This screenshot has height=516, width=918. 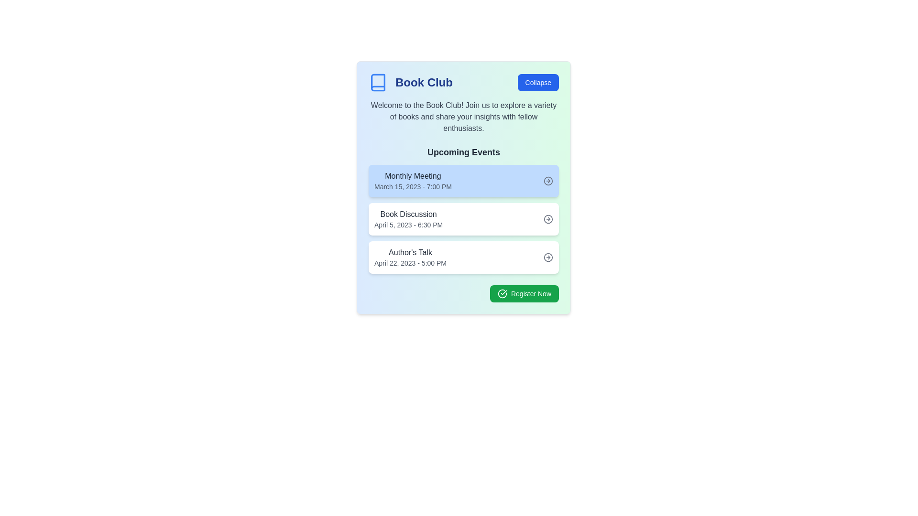 I want to click on the simplified book icon in the top-left corner of the 'Book Club' card interface, which features a rectangular shape and a spine stripe, so click(x=378, y=82).